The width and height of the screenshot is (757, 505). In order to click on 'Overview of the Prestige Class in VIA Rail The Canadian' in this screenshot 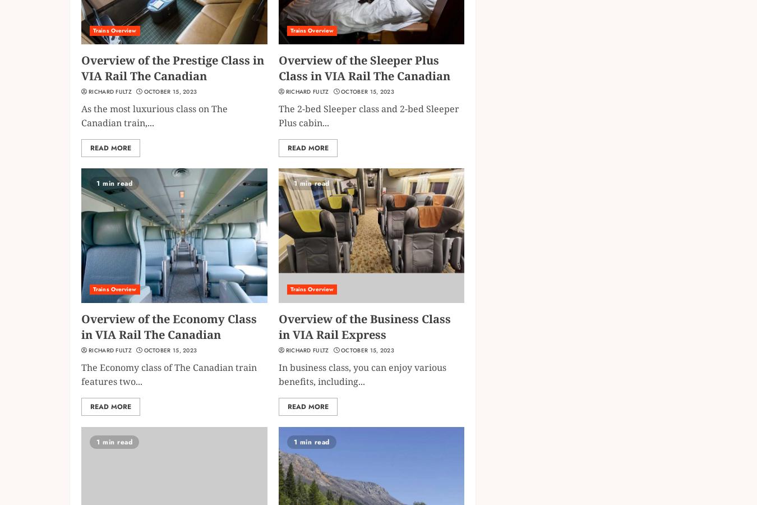, I will do `click(81, 67)`.